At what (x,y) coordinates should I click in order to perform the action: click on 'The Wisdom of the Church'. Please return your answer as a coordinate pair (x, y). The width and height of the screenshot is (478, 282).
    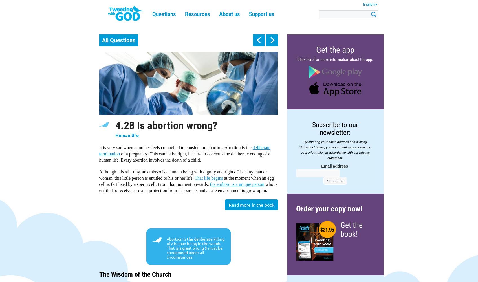
    Looking at the image, I should click on (135, 274).